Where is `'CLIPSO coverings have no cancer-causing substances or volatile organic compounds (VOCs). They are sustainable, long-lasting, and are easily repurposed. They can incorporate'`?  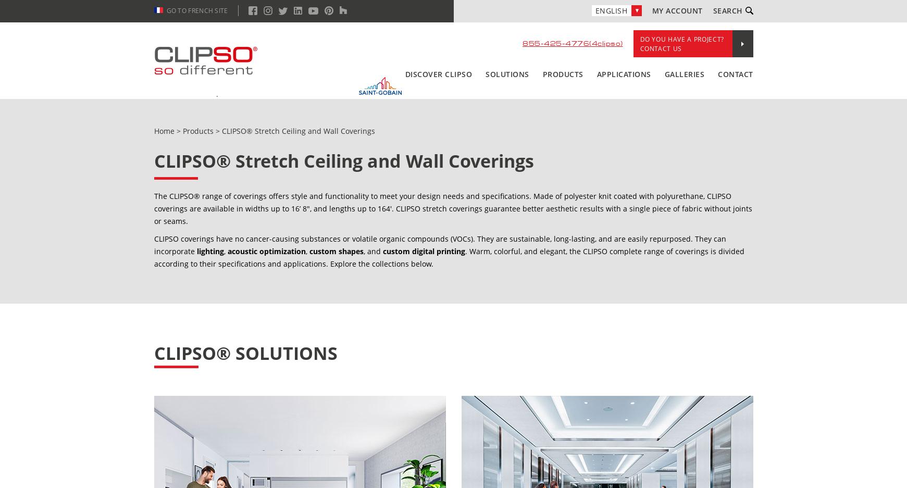
'CLIPSO coverings have no cancer-causing substances or volatile organic compounds (VOCs). They are sustainable, long-lasting, and are easily repurposed. They can incorporate' is located at coordinates (439, 245).